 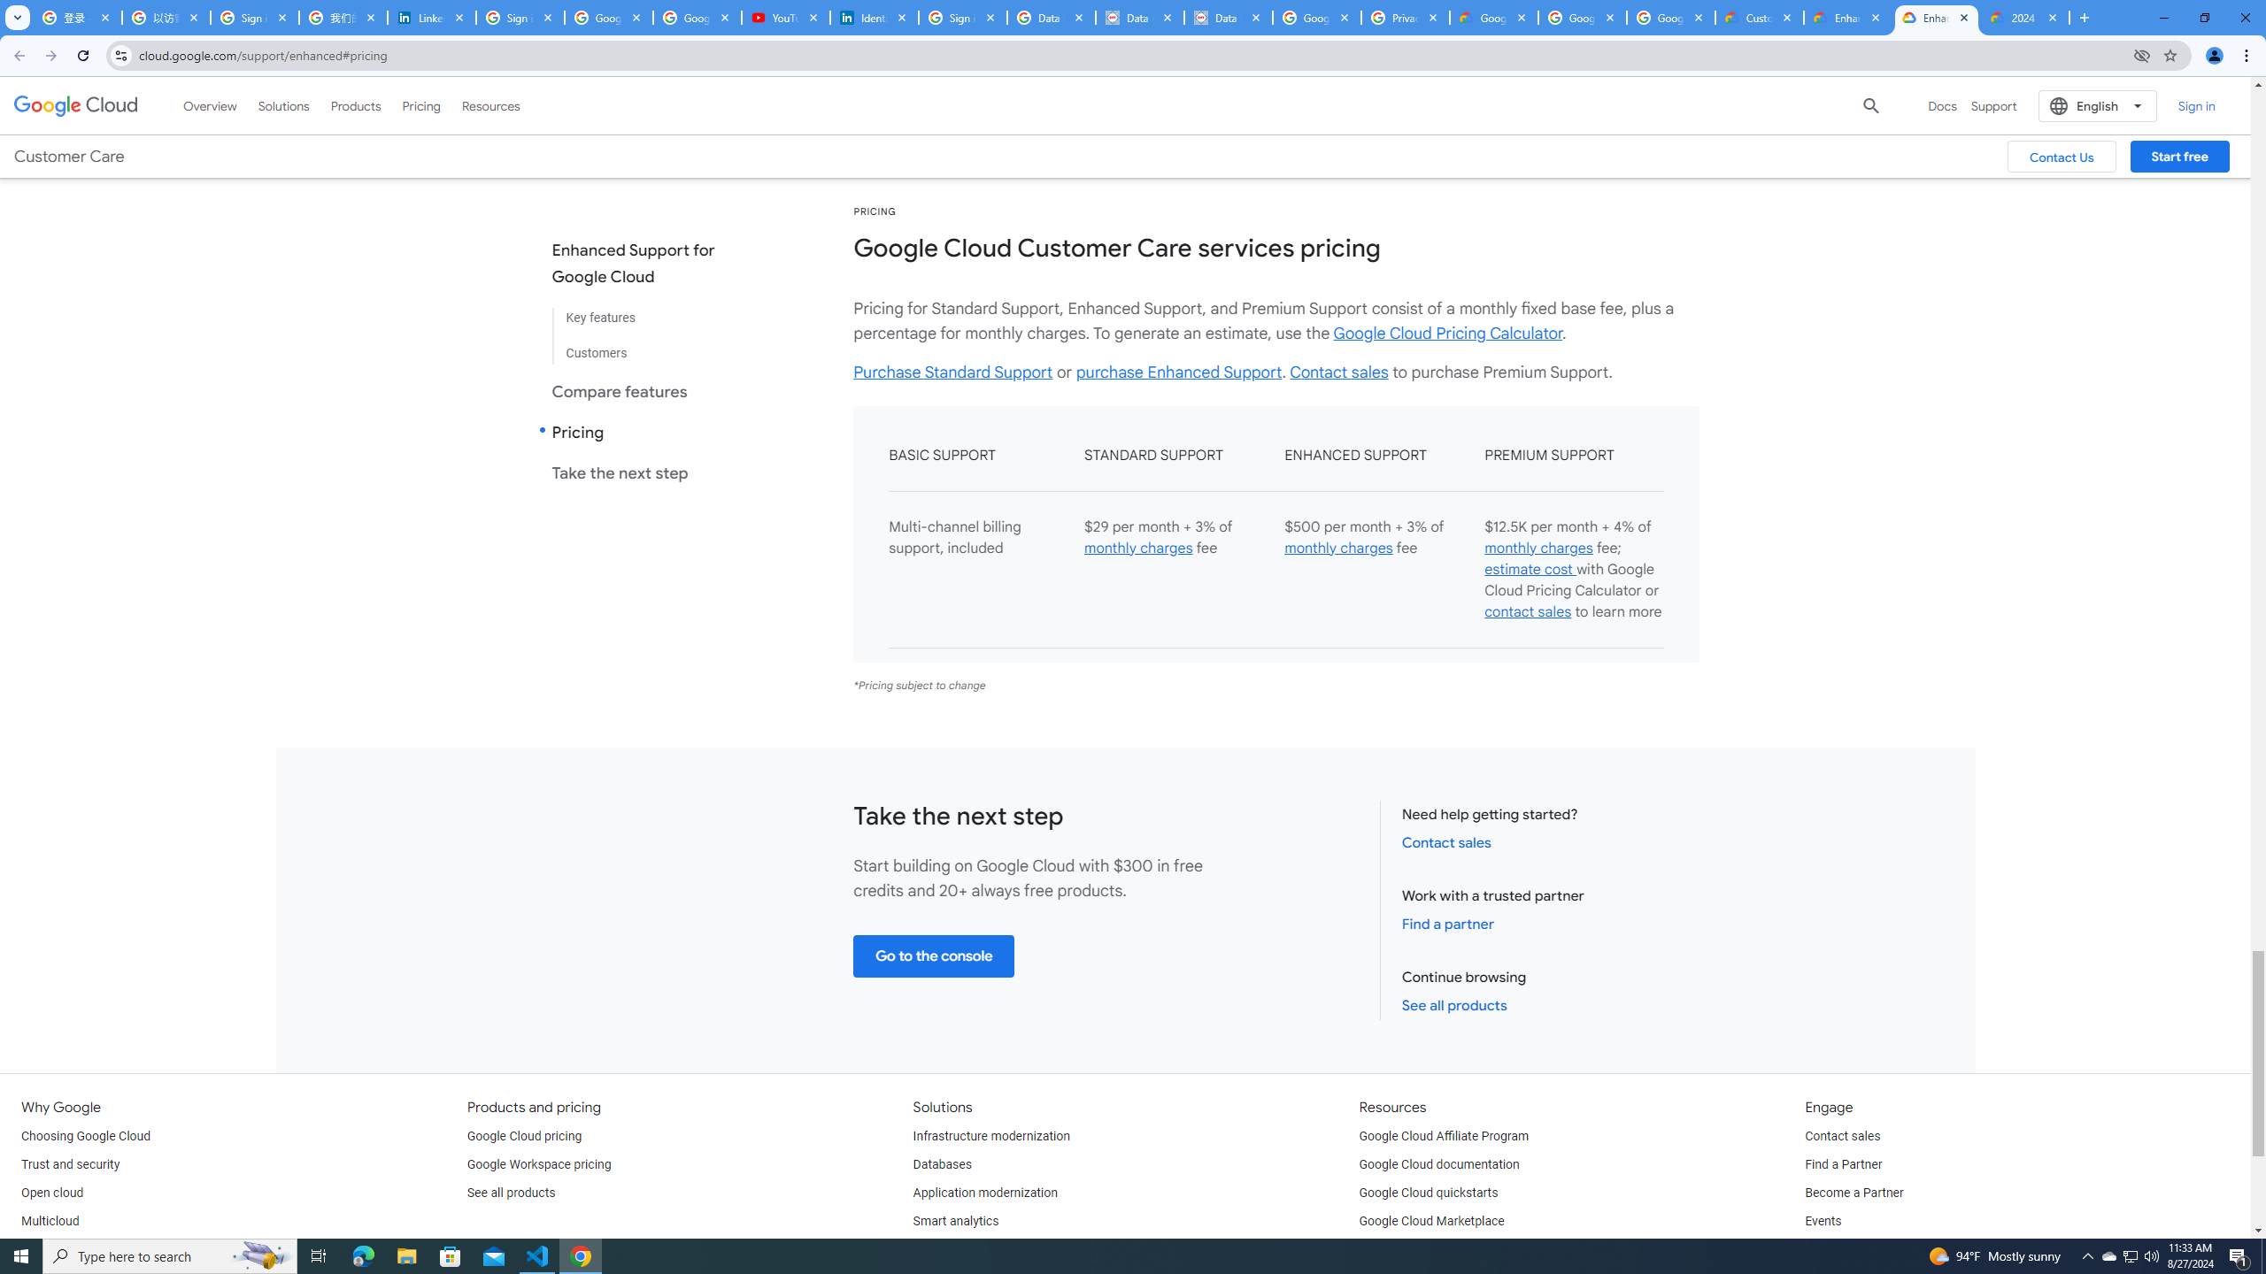 What do you see at coordinates (1139, 17) in the screenshot?
I see `'Data Privacy Framework'` at bounding box center [1139, 17].